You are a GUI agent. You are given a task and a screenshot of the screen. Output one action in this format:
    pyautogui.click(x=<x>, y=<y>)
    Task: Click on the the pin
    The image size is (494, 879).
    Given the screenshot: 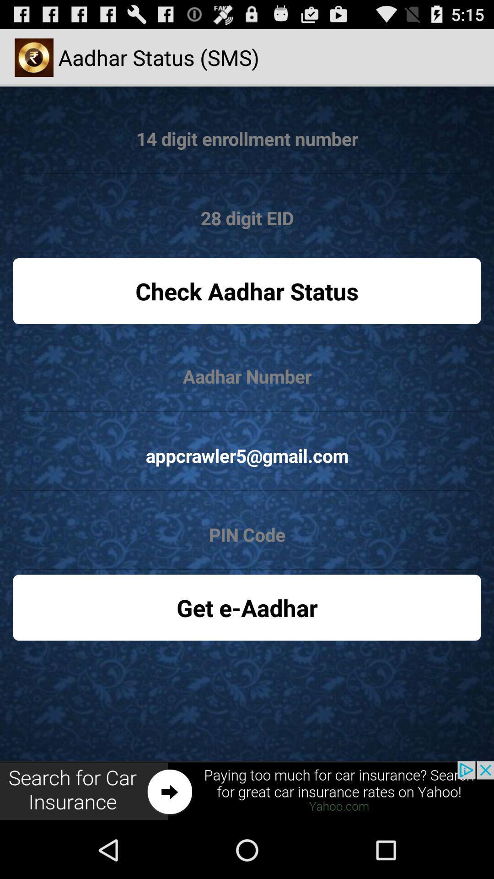 What is the action you would take?
    pyautogui.click(x=247, y=535)
    